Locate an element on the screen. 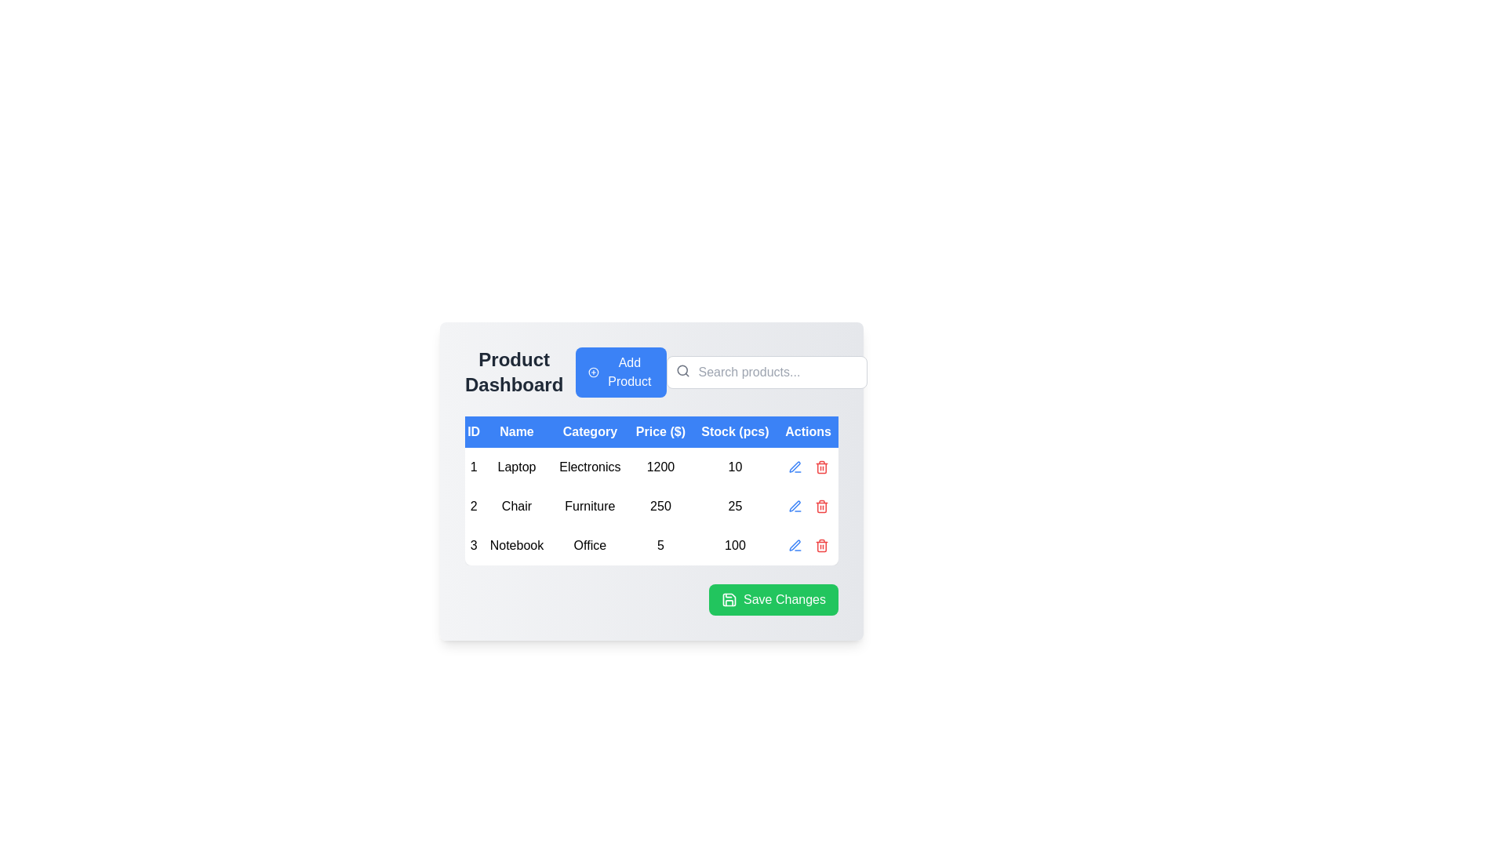 The image size is (1506, 847). the search icon represented by a magnifying glass, located inside the search bar component with the placeholder text 'Search products...' is located at coordinates (682, 371).